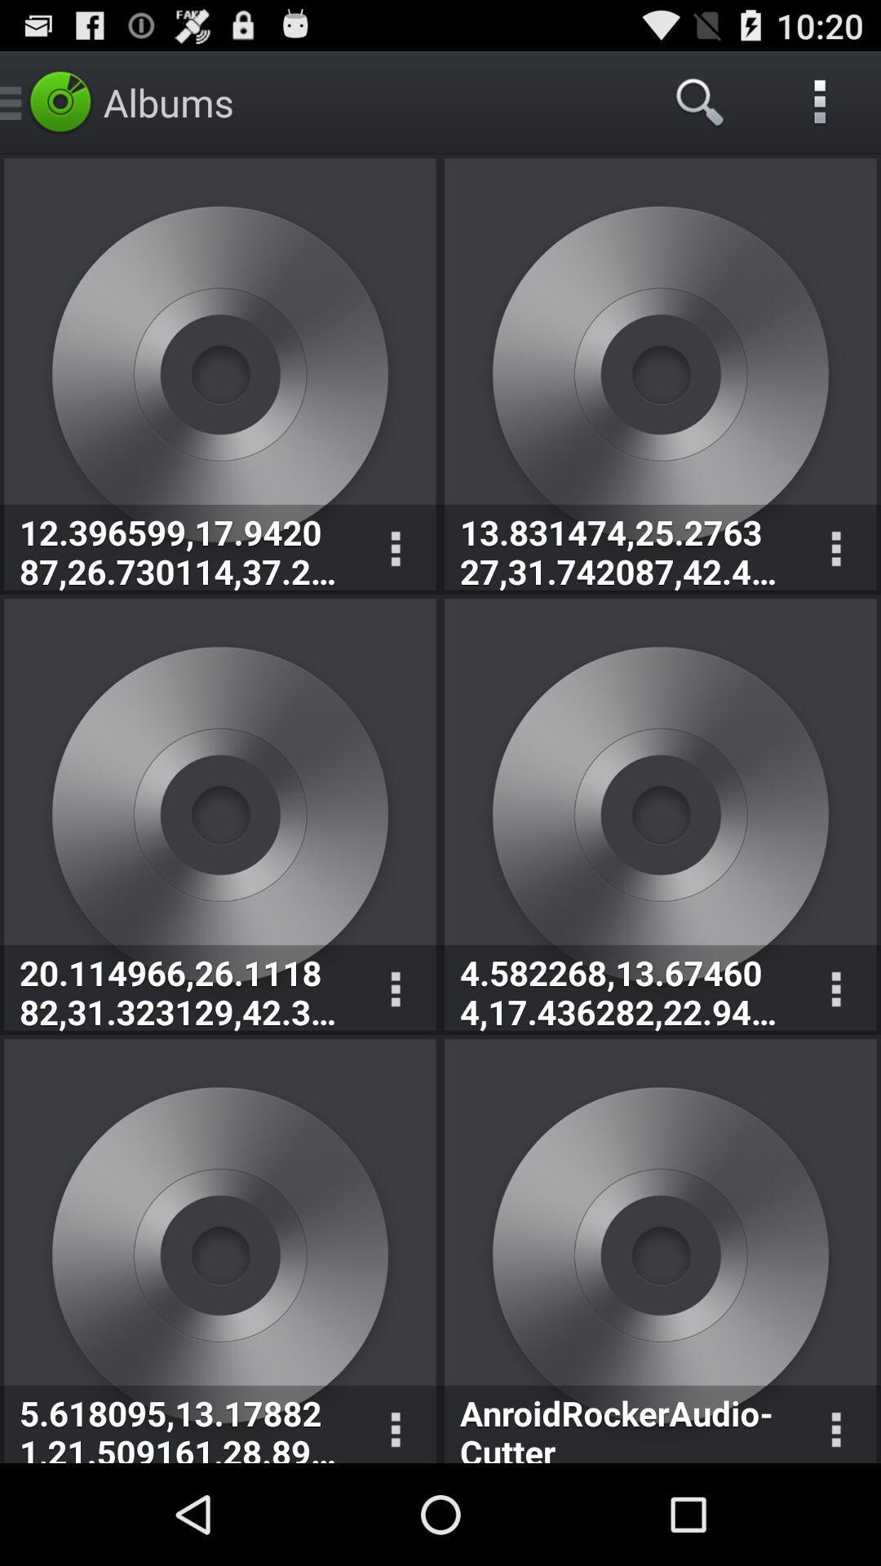  I want to click on displays option menu for corresponding album, so click(395, 549).